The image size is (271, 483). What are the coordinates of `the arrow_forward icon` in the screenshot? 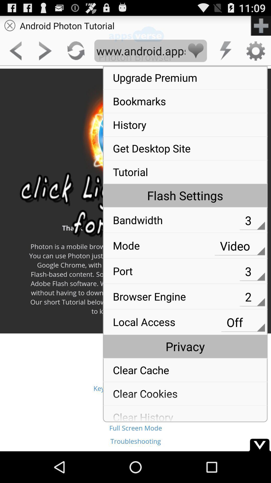 It's located at (45, 54).